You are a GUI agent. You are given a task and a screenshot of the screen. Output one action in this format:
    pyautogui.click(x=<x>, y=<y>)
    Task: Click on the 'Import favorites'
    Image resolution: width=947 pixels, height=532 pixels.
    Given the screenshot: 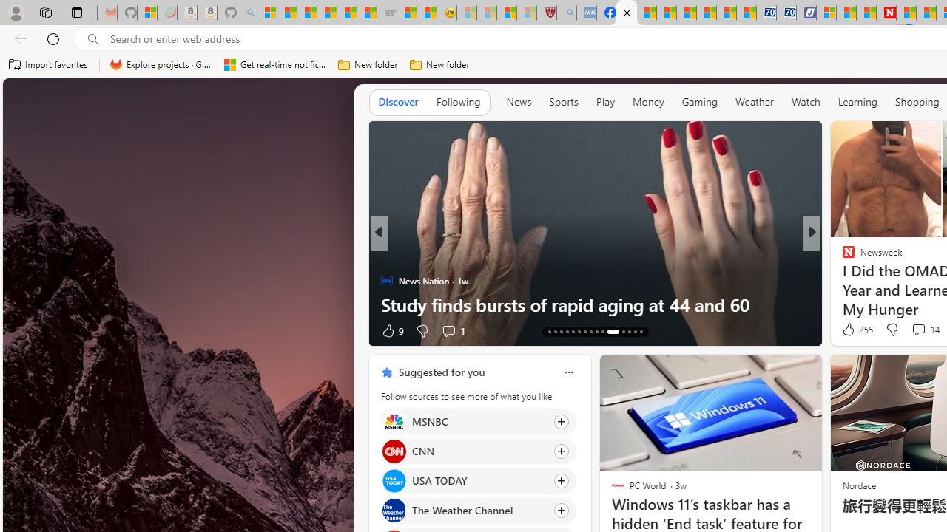 What is the action you would take?
    pyautogui.click(x=48, y=64)
    